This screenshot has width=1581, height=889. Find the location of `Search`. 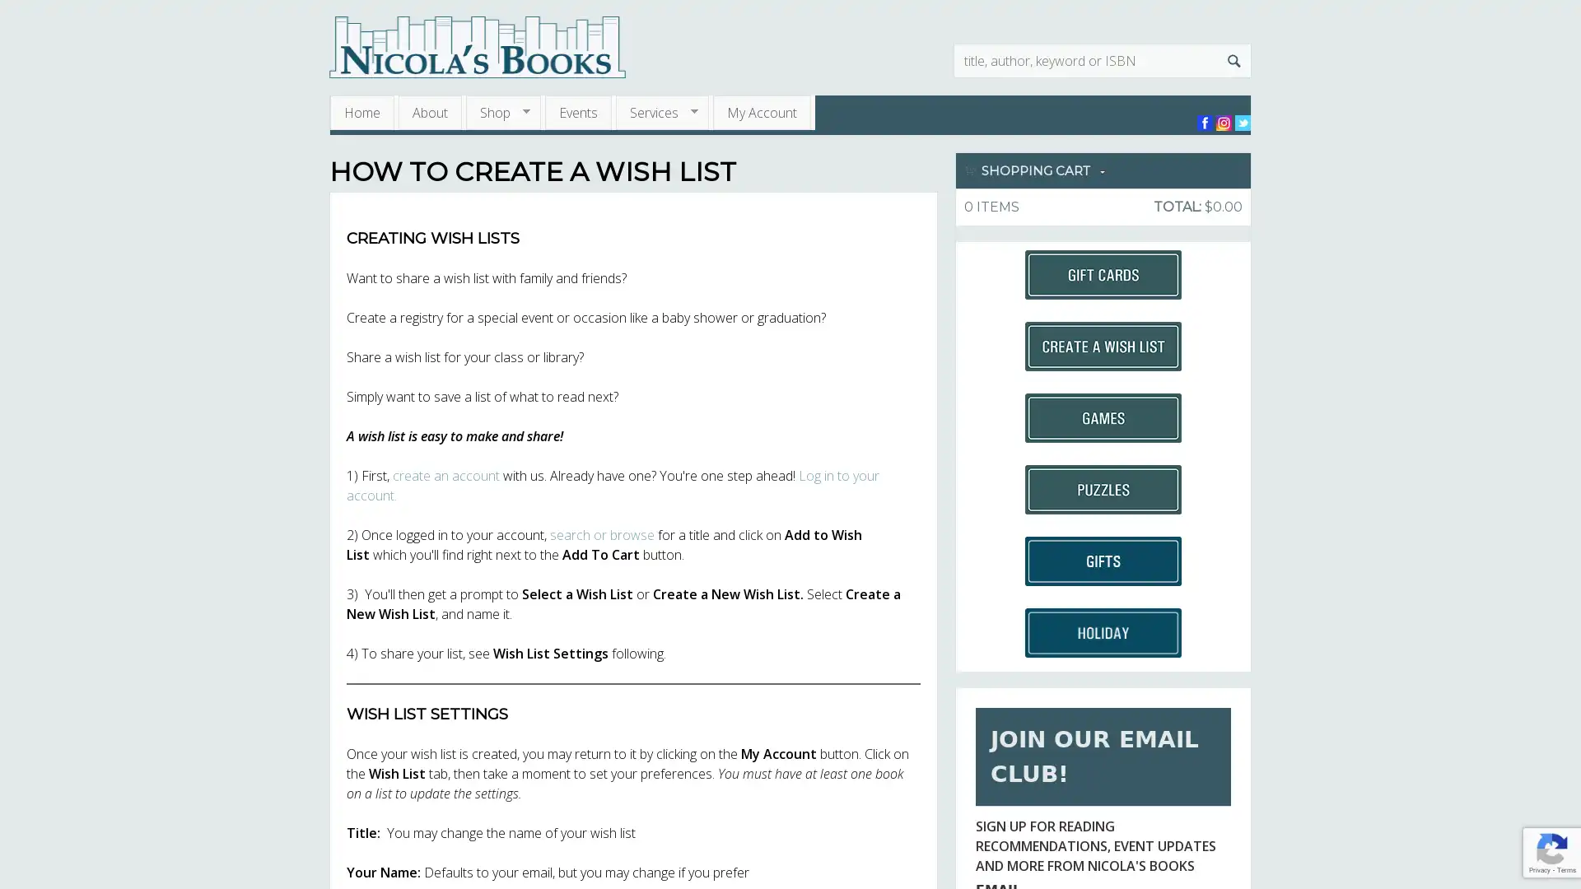

Search is located at coordinates (1234, 59).